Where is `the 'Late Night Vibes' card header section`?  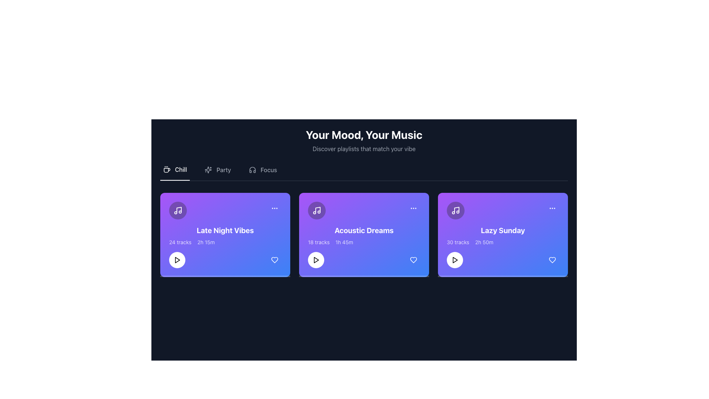 the 'Late Night Vibes' card header section is located at coordinates (225, 211).